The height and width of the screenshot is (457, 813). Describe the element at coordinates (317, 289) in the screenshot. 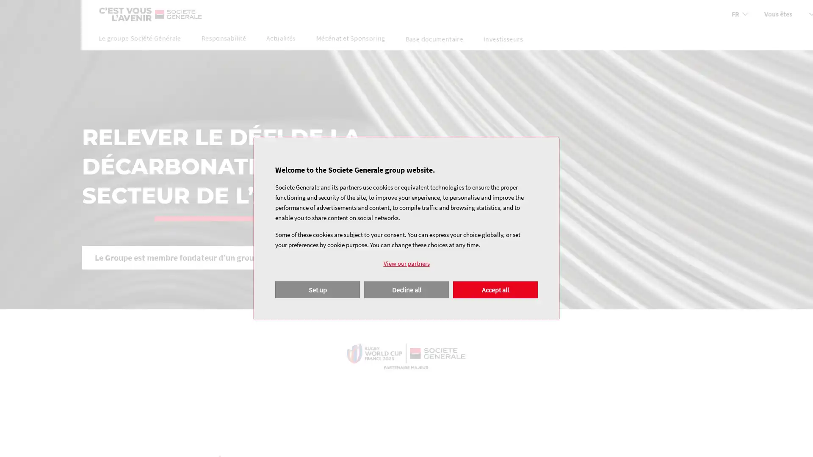

I see `Configure your consents` at that location.